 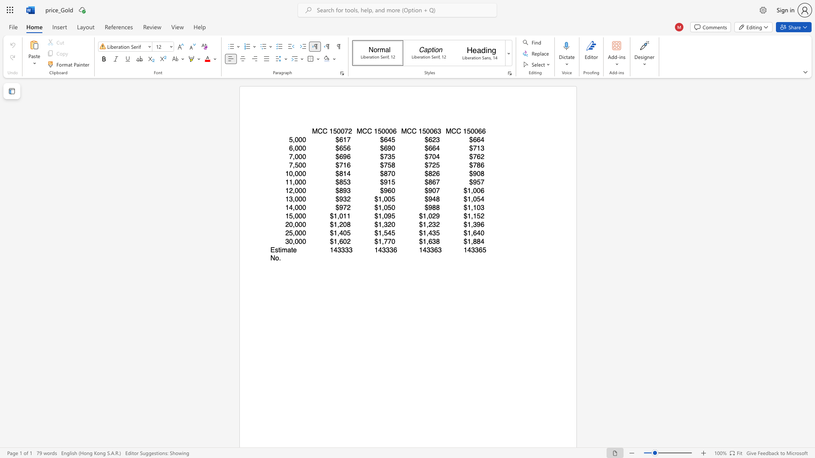 I want to click on the subset text "CC 1500" within the text "MCC 150072", so click(x=317, y=131).